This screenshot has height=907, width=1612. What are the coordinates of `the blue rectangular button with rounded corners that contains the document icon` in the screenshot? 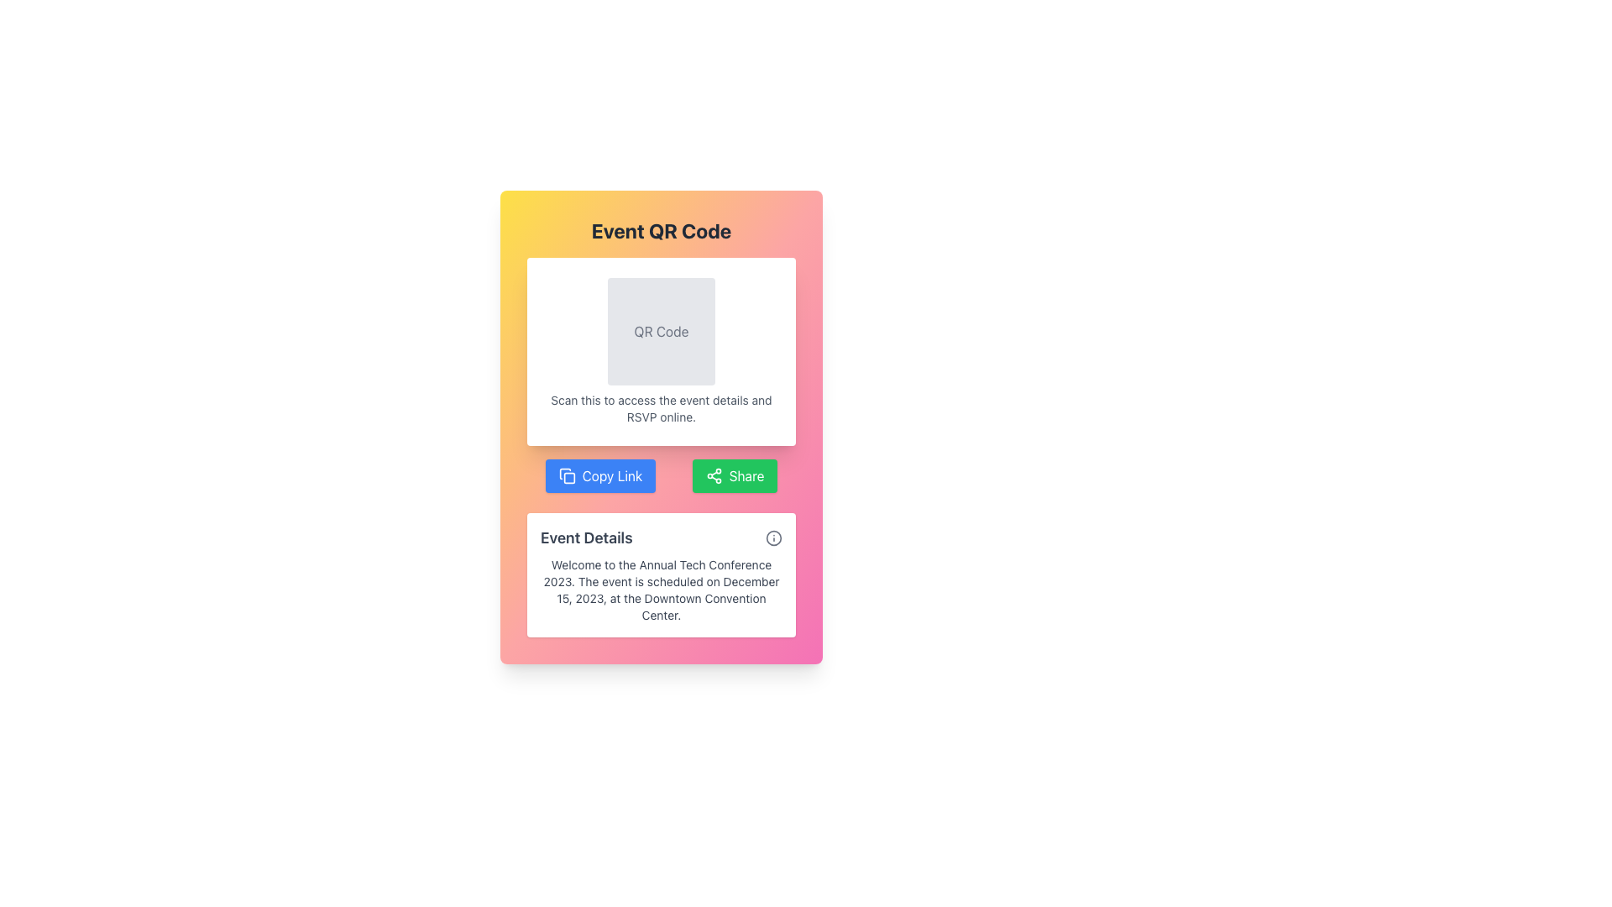 It's located at (567, 476).